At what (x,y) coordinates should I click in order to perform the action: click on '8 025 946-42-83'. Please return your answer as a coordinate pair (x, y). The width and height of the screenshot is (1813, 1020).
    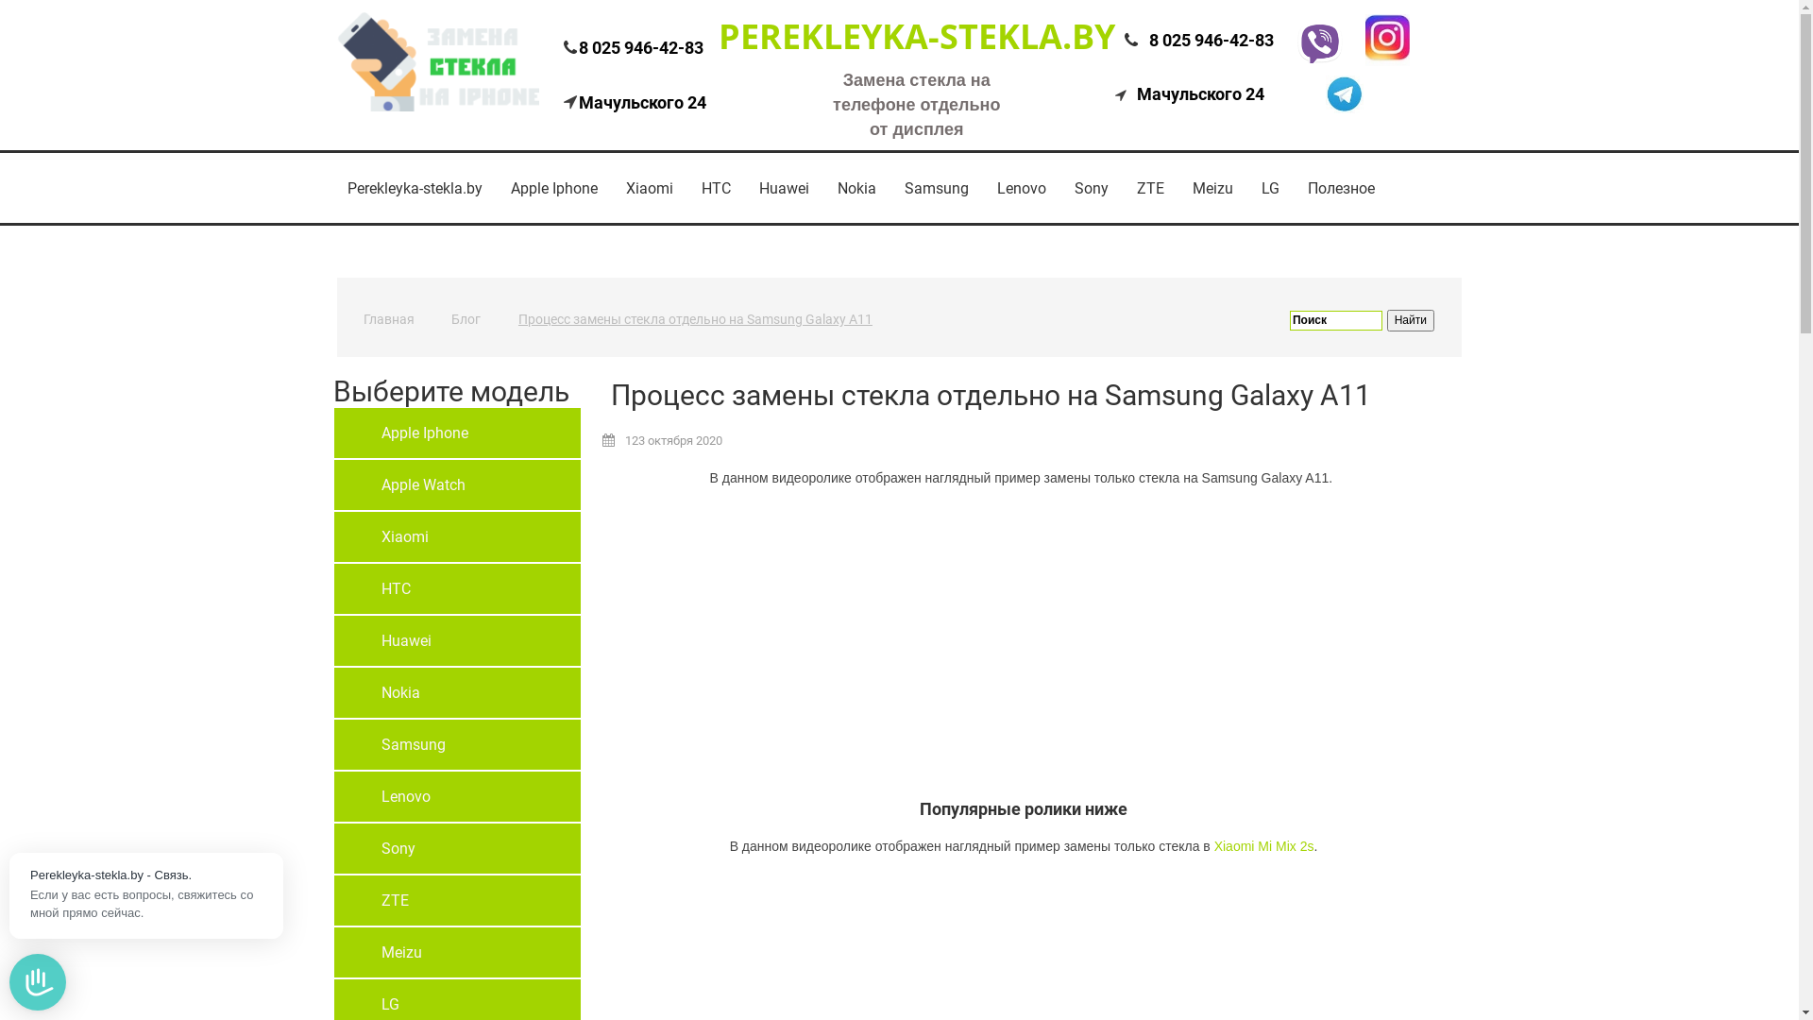
    Looking at the image, I should click on (1211, 40).